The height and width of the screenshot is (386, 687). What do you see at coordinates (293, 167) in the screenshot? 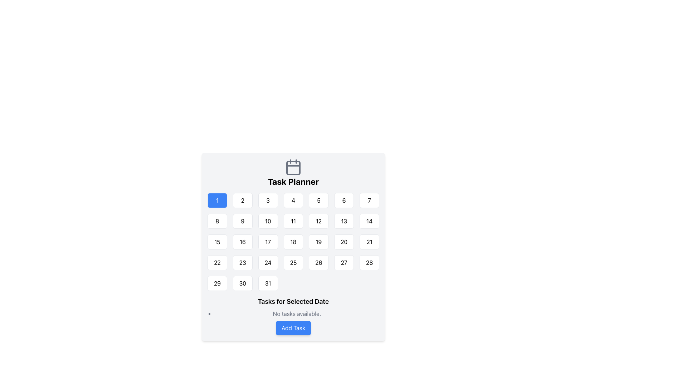
I see `the calendar icon in the 'Task Planner' header, which visually supports the functionality of the planner` at bounding box center [293, 167].